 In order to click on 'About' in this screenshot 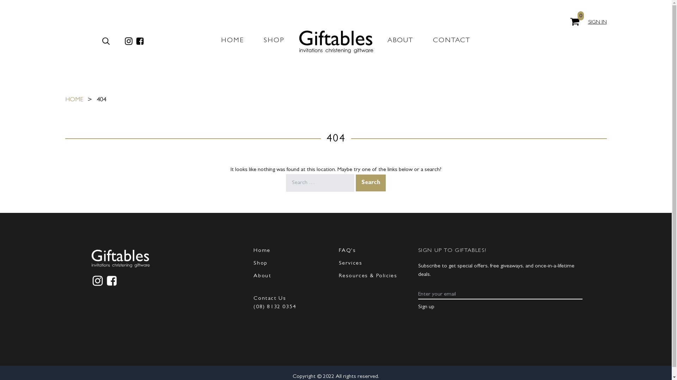, I will do `click(262, 276)`.